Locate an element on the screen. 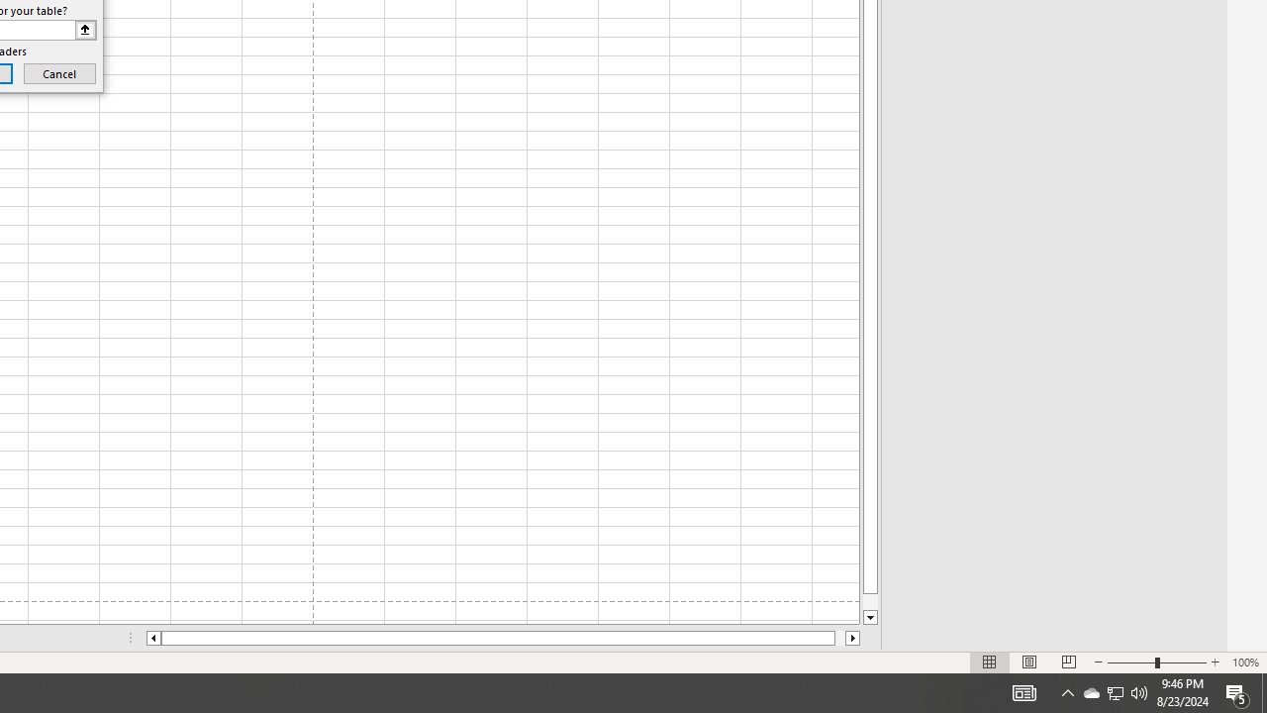  'Column left' is located at coordinates (151, 638).